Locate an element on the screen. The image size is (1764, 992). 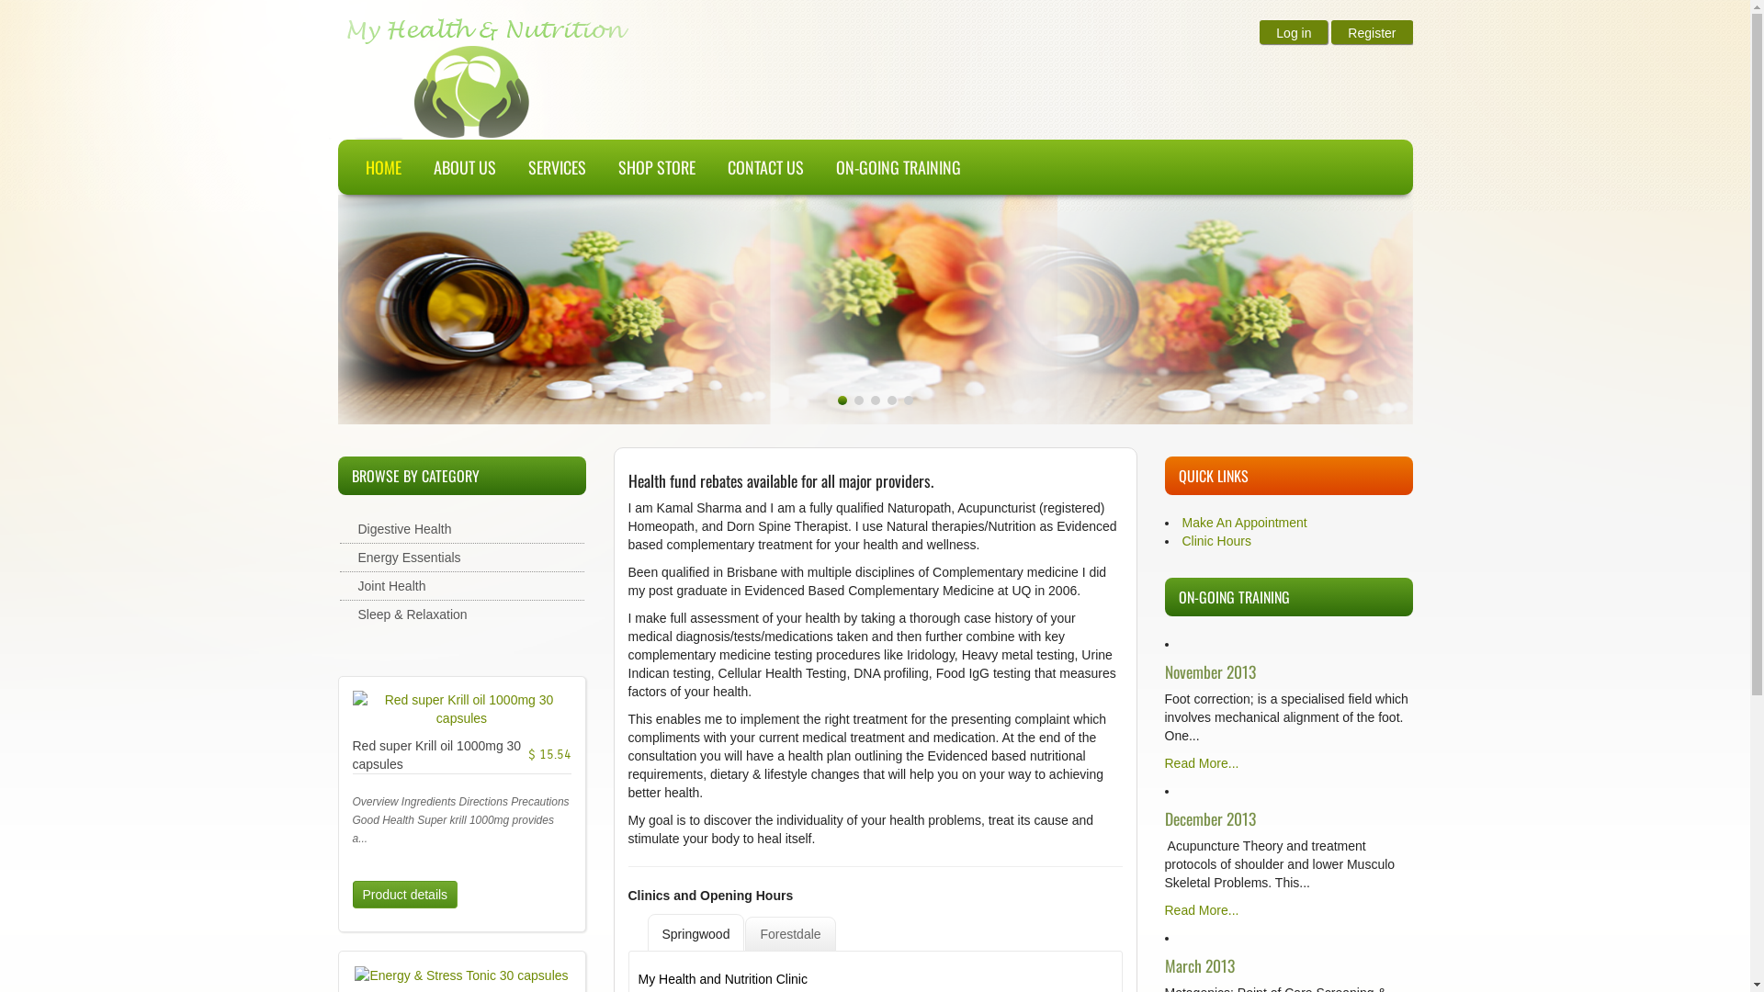
'Energy Essentials' is located at coordinates (462, 556).